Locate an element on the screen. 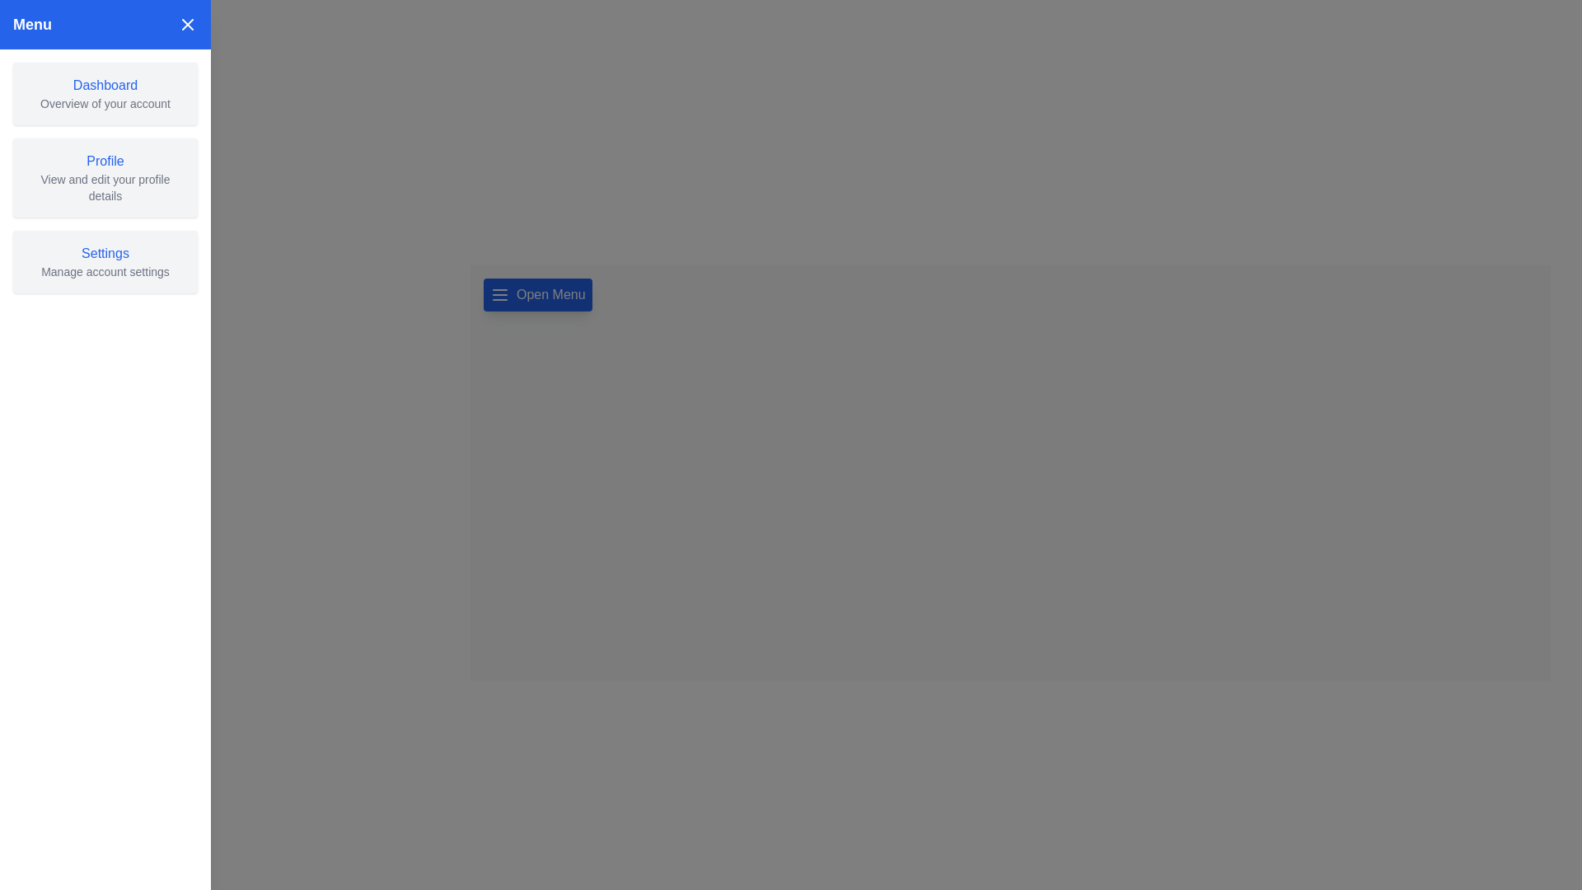 This screenshot has width=1582, height=890. text label displaying 'View and edit your profile details' located under the 'Profile' heading in the left-hand side menu is located at coordinates (105, 186).